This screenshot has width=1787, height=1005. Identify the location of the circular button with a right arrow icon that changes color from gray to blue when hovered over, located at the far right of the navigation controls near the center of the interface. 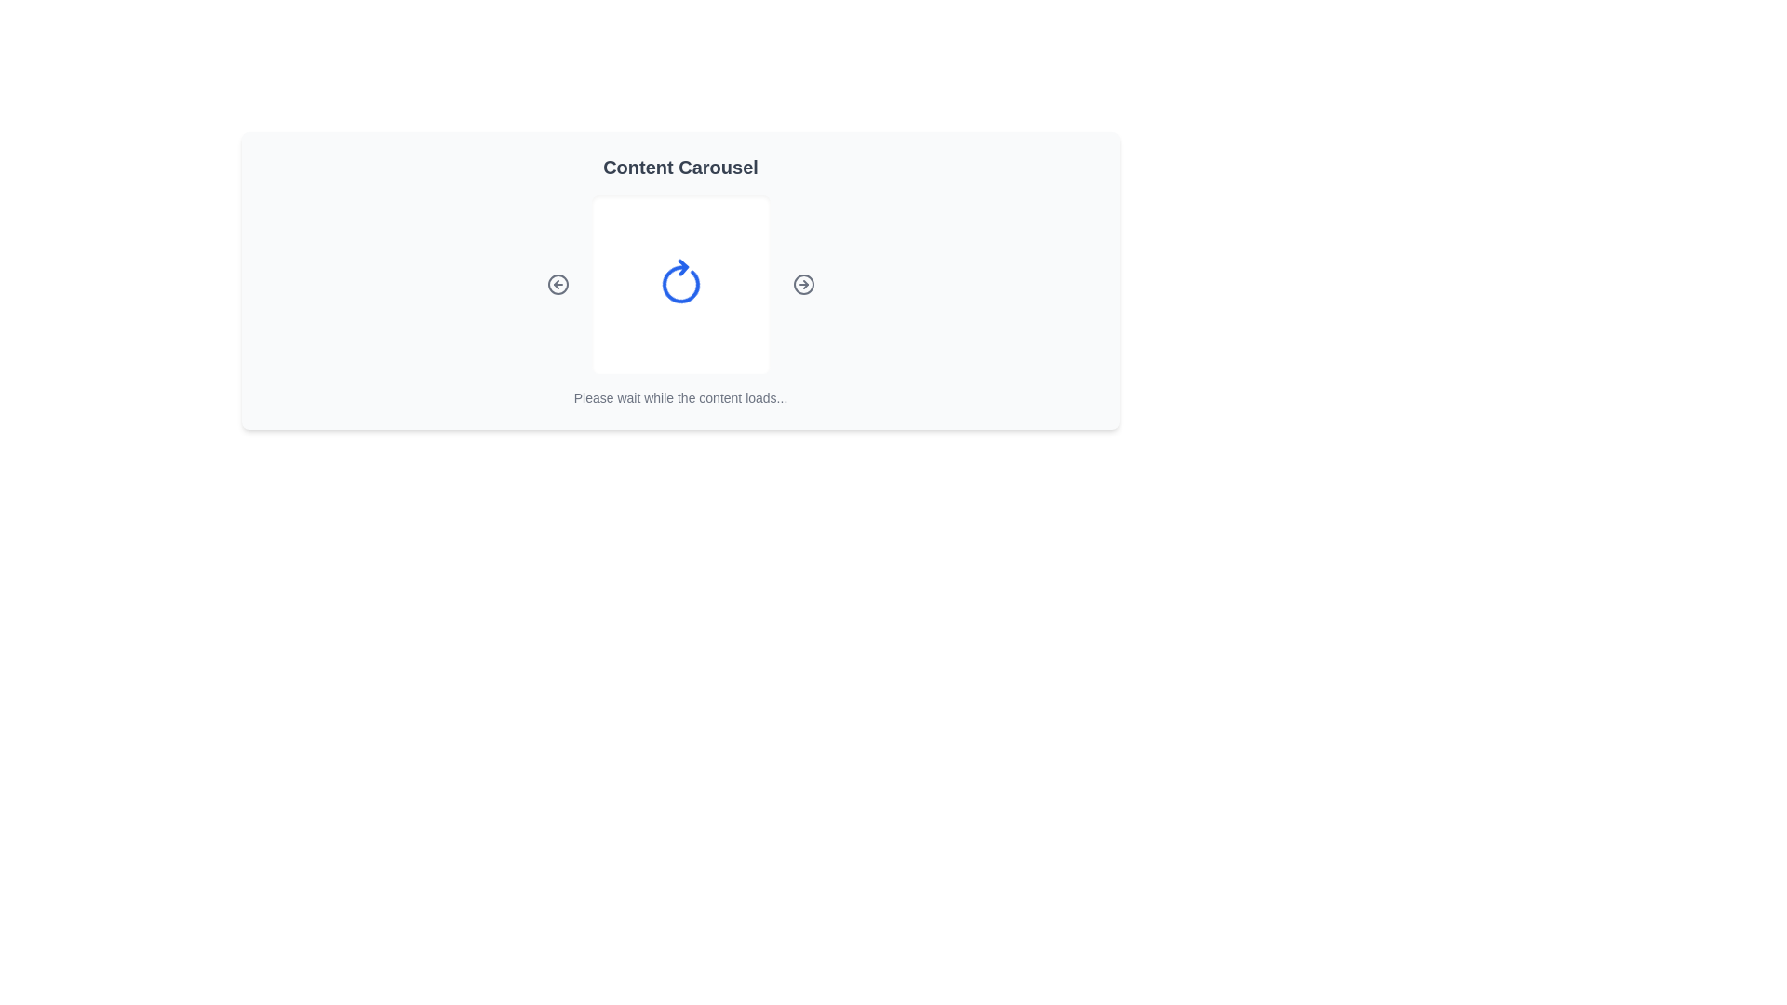
(803, 284).